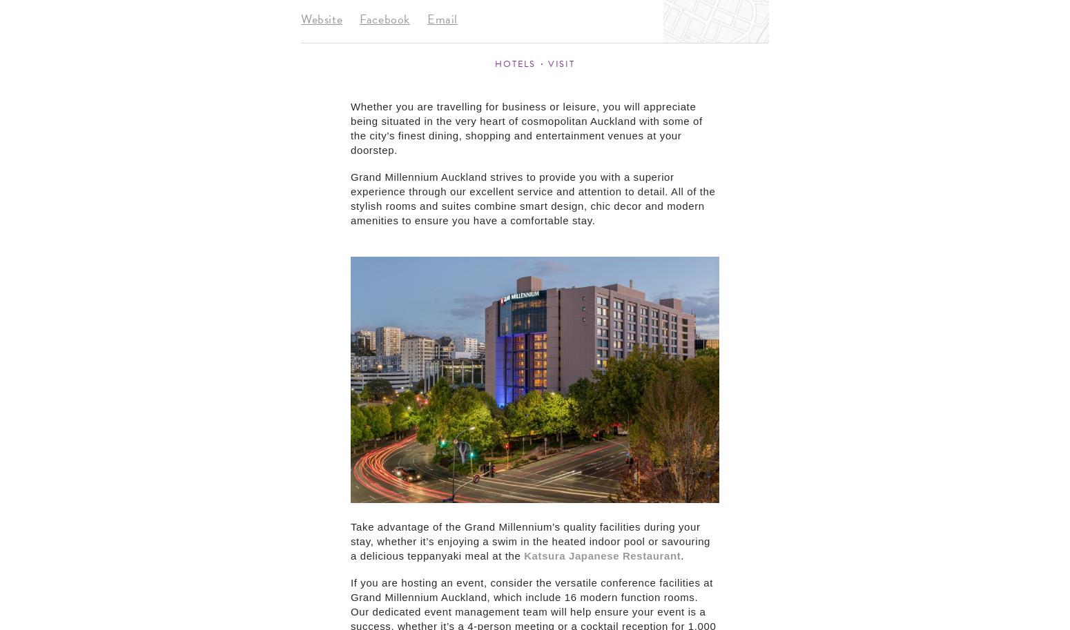  What do you see at coordinates (66, 189) in the screenshot?
I see `'Best places to watch the Melbourne Cup'` at bounding box center [66, 189].